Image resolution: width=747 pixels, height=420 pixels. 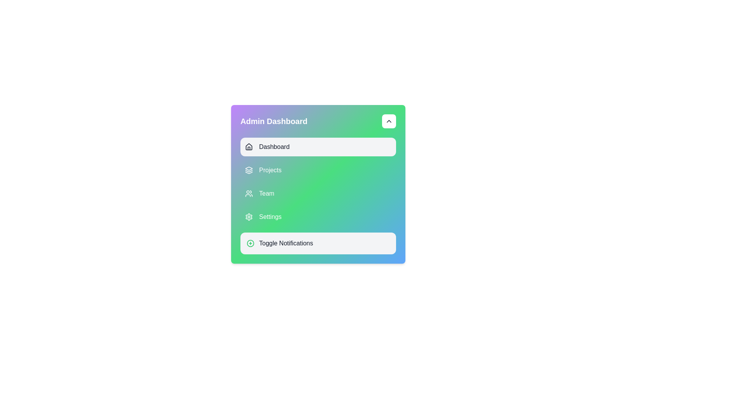 What do you see at coordinates (248, 168) in the screenshot?
I see `the layer or hierarchy icon, which is the topmost of three layered objects in a card-like layout` at bounding box center [248, 168].